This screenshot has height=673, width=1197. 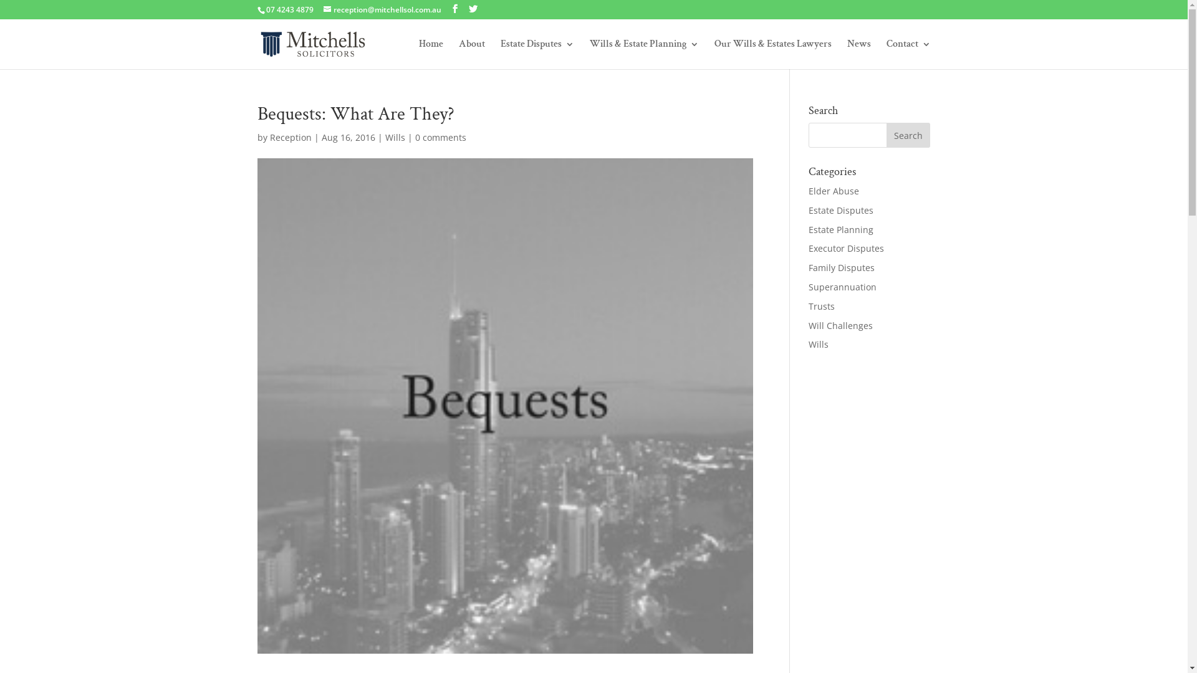 What do you see at coordinates (840, 325) in the screenshot?
I see `'Will Challenges'` at bounding box center [840, 325].